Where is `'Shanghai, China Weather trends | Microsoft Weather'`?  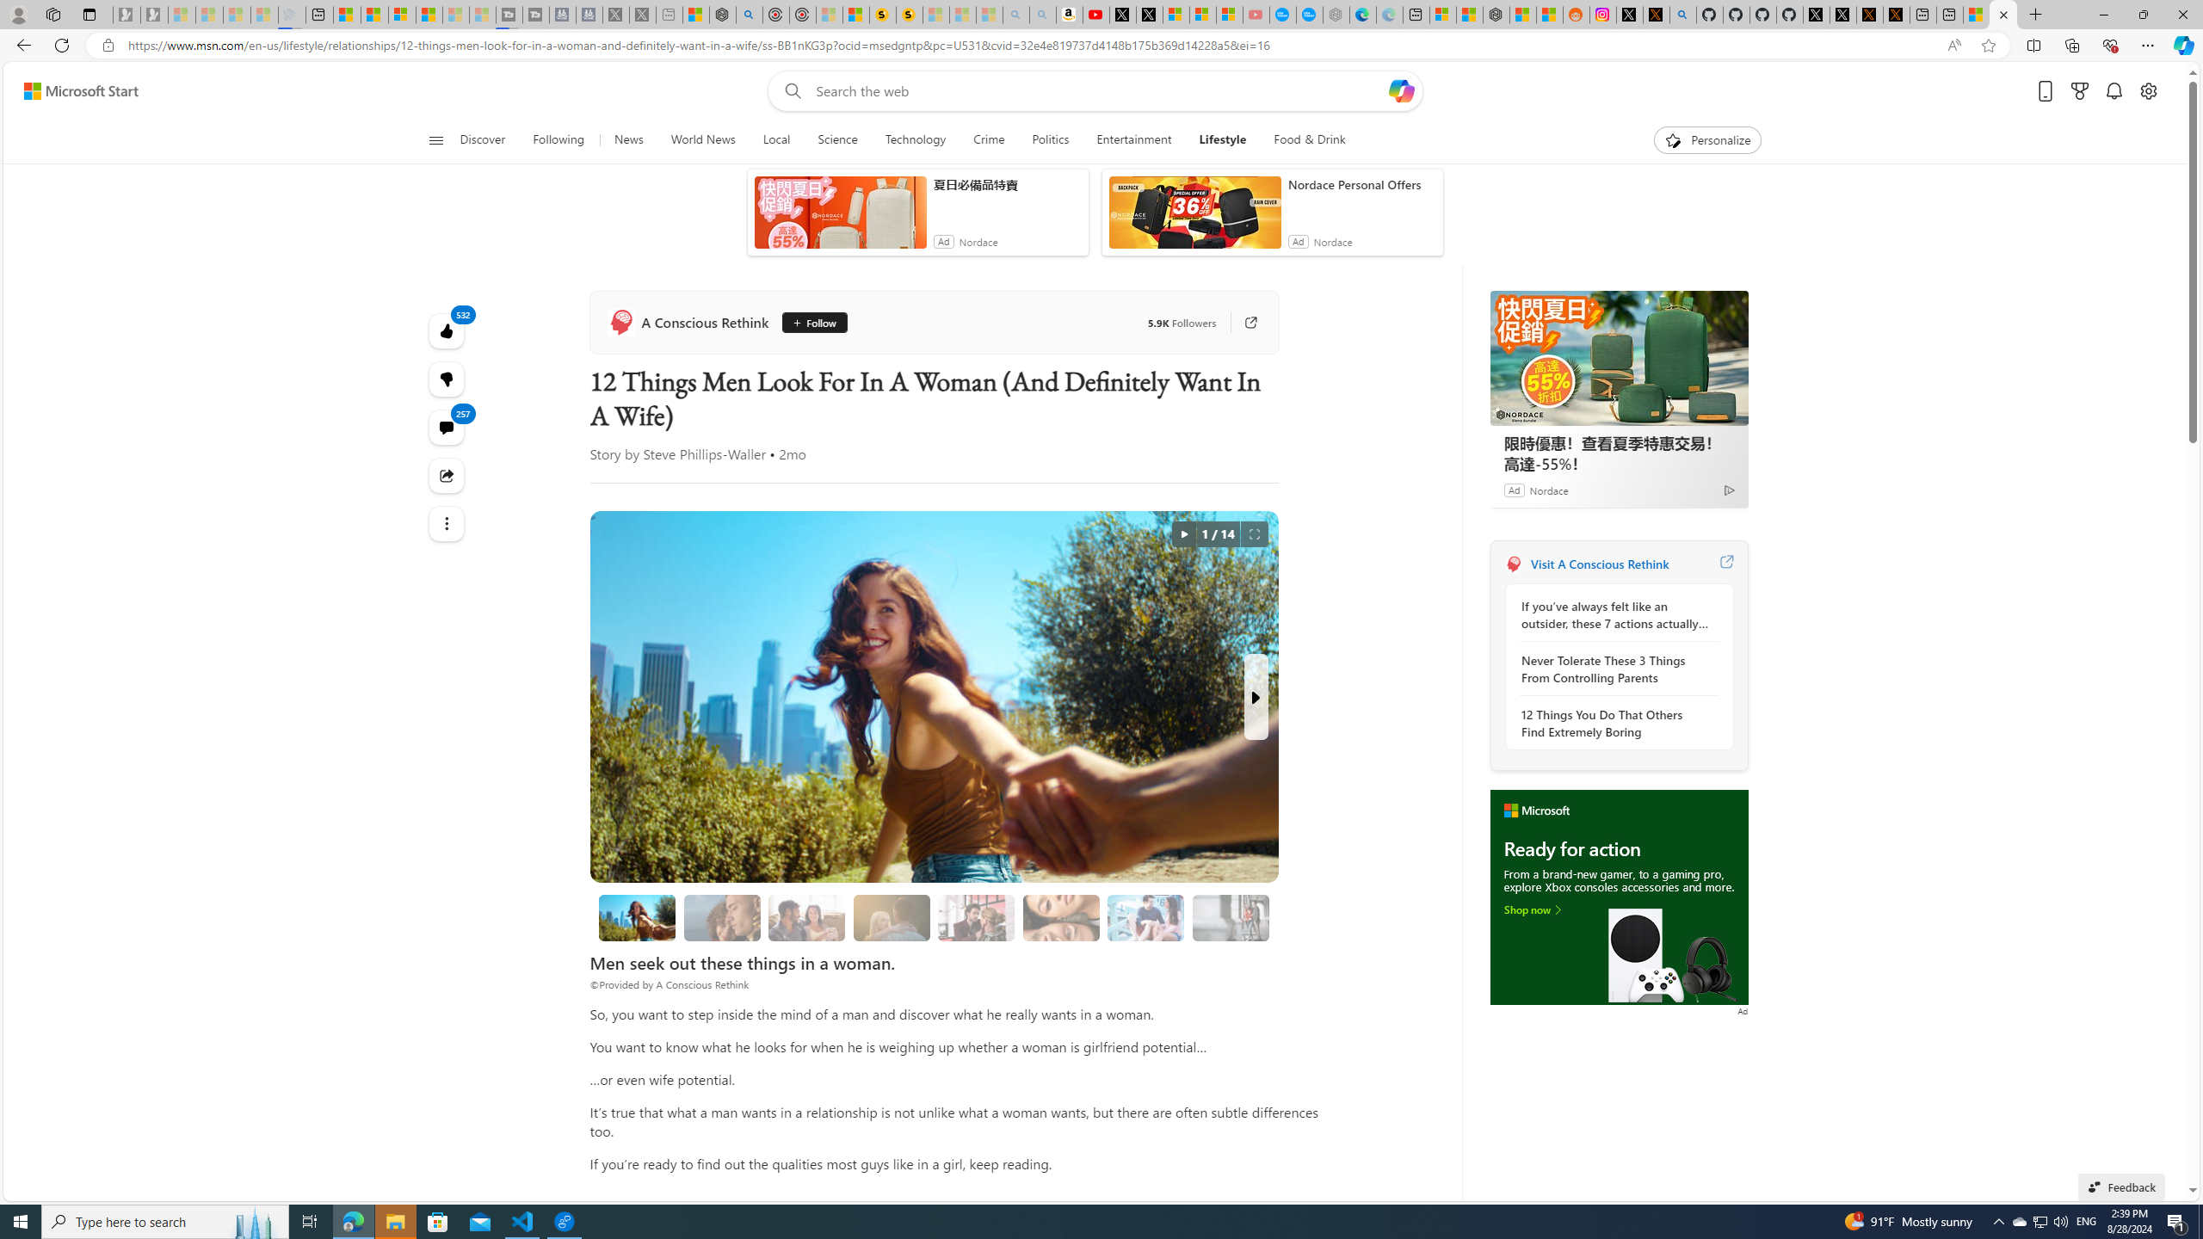
'Shanghai, China Weather trends | Microsoft Weather' is located at coordinates (1548, 14).